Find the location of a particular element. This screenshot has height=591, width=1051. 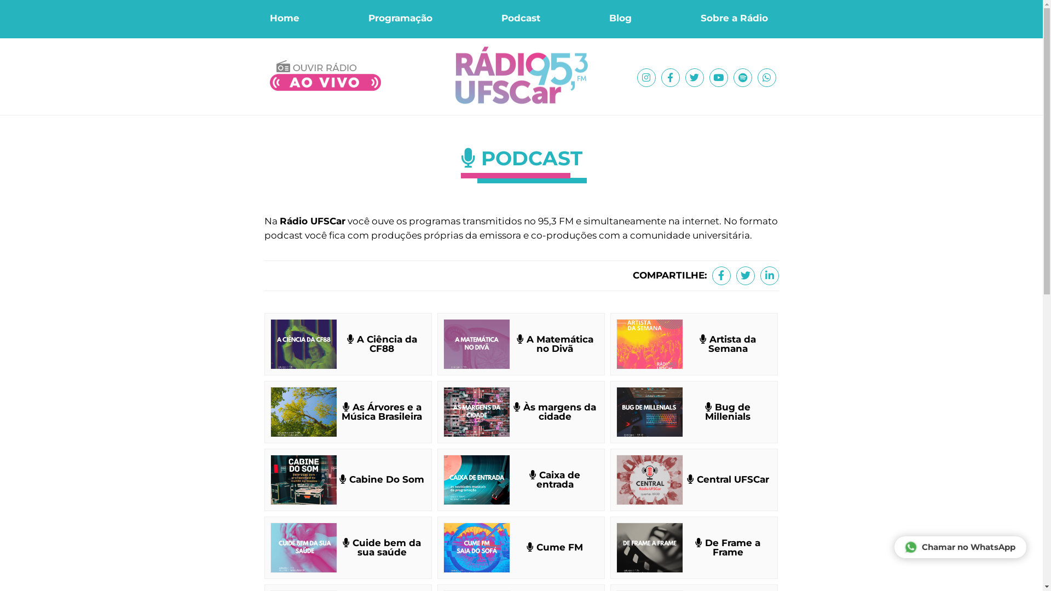

'Chamar no WhatsApp' is located at coordinates (909, 546).